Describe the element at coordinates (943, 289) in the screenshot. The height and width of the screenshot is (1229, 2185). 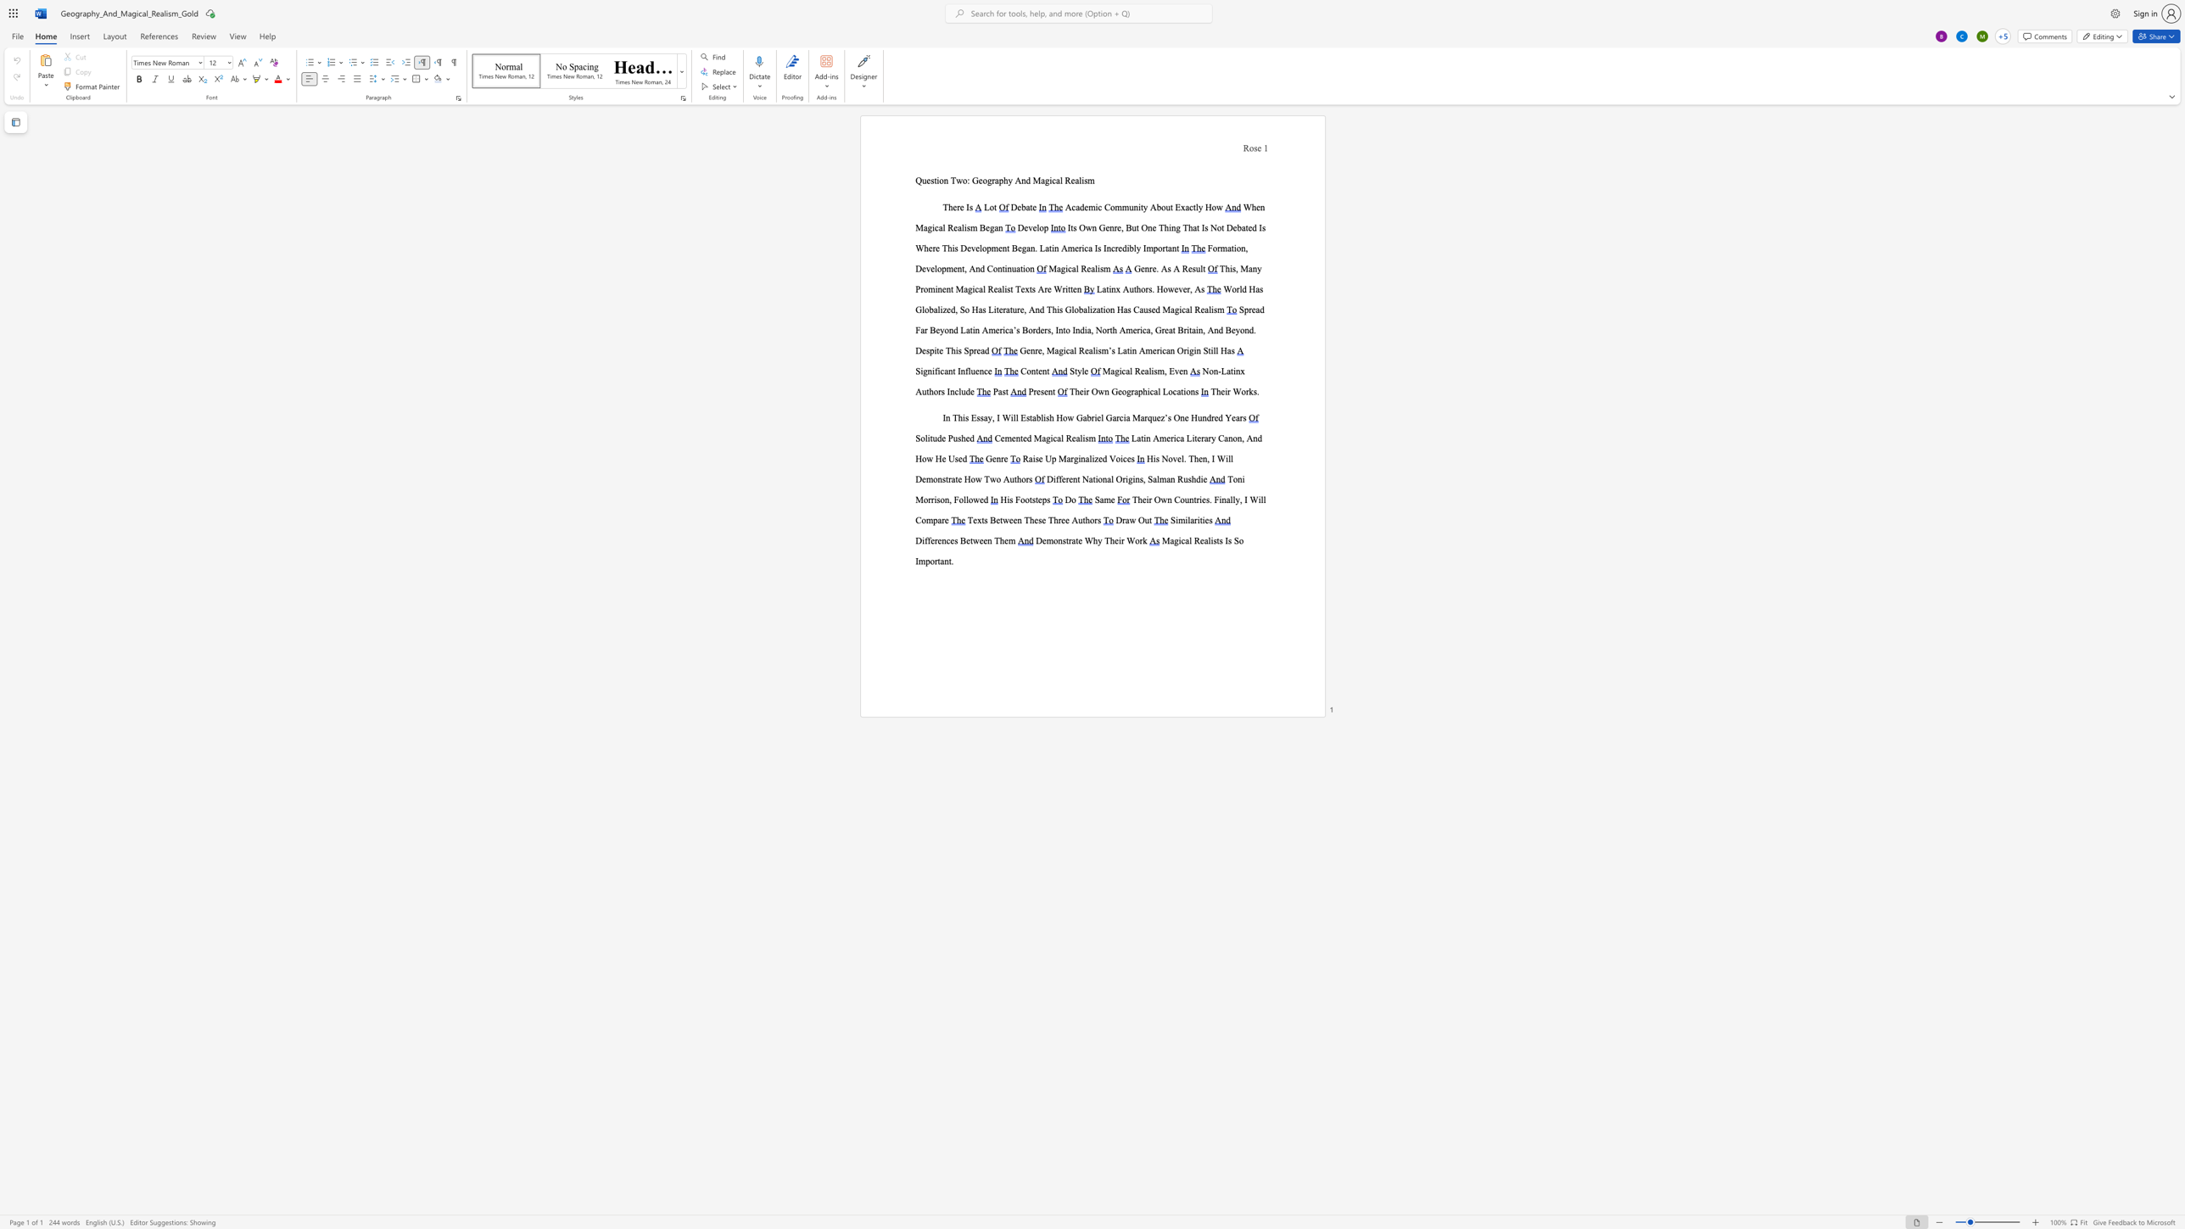
I see `the 1th character "e" in the text` at that location.